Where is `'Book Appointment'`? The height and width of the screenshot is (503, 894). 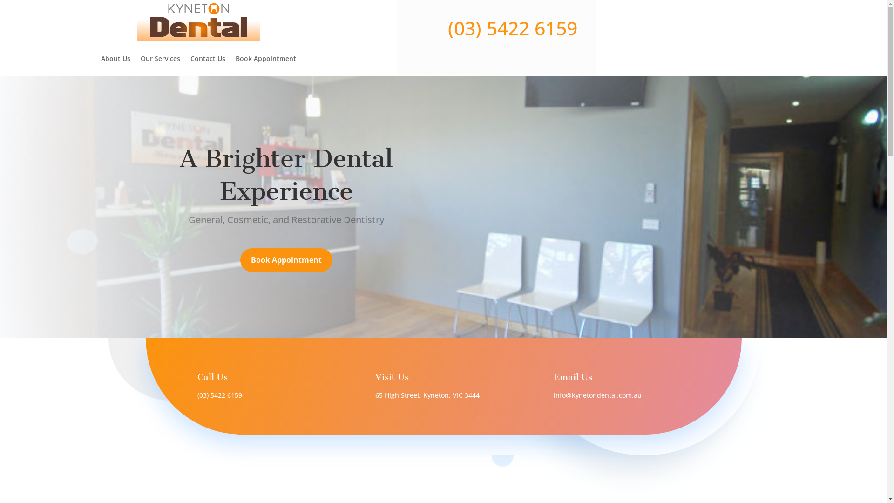 'Book Appointment' is located at coordinates (265, 59).